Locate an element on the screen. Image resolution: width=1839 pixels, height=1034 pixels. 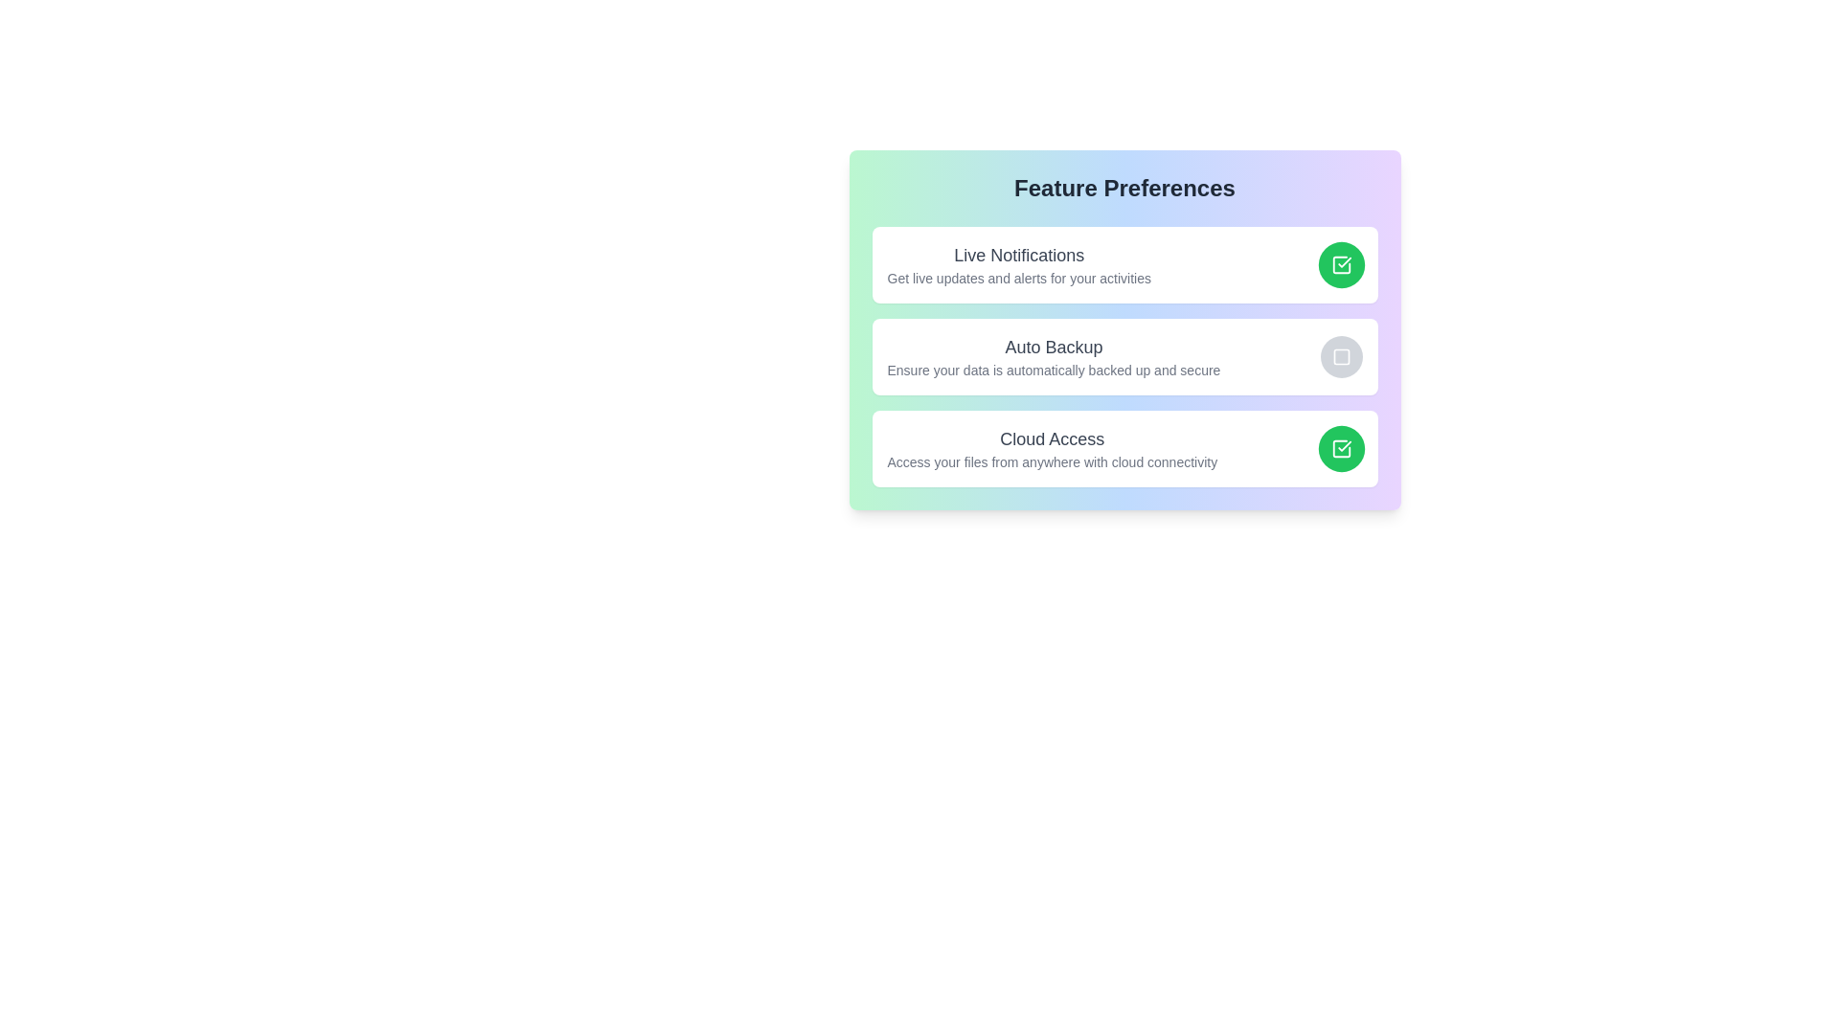
text from the 'Auto Backup' text label, which is located in the second card of the 'Feature Preferences' section, positioned below the 'Live Notifications' card and above the 'Cloud Access' card is located at coordinates (1053, 347).